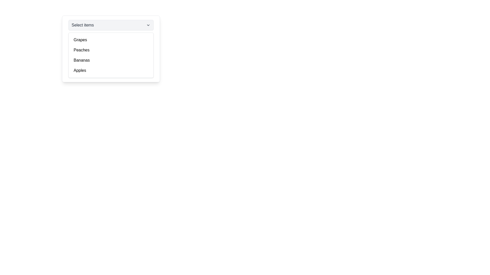  What do you see at coordinates (111, 50) in the screenshot?
I see `the list item labeled 'Peaches' in the dropdown menu` at bounding box center [111, 50].